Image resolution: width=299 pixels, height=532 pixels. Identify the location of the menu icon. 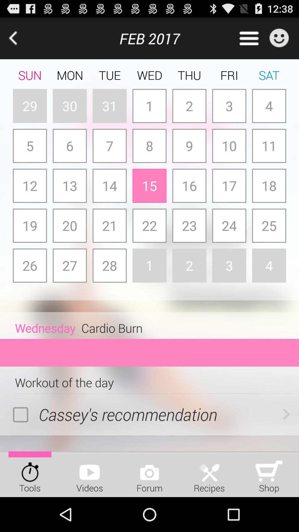
(249, 40).